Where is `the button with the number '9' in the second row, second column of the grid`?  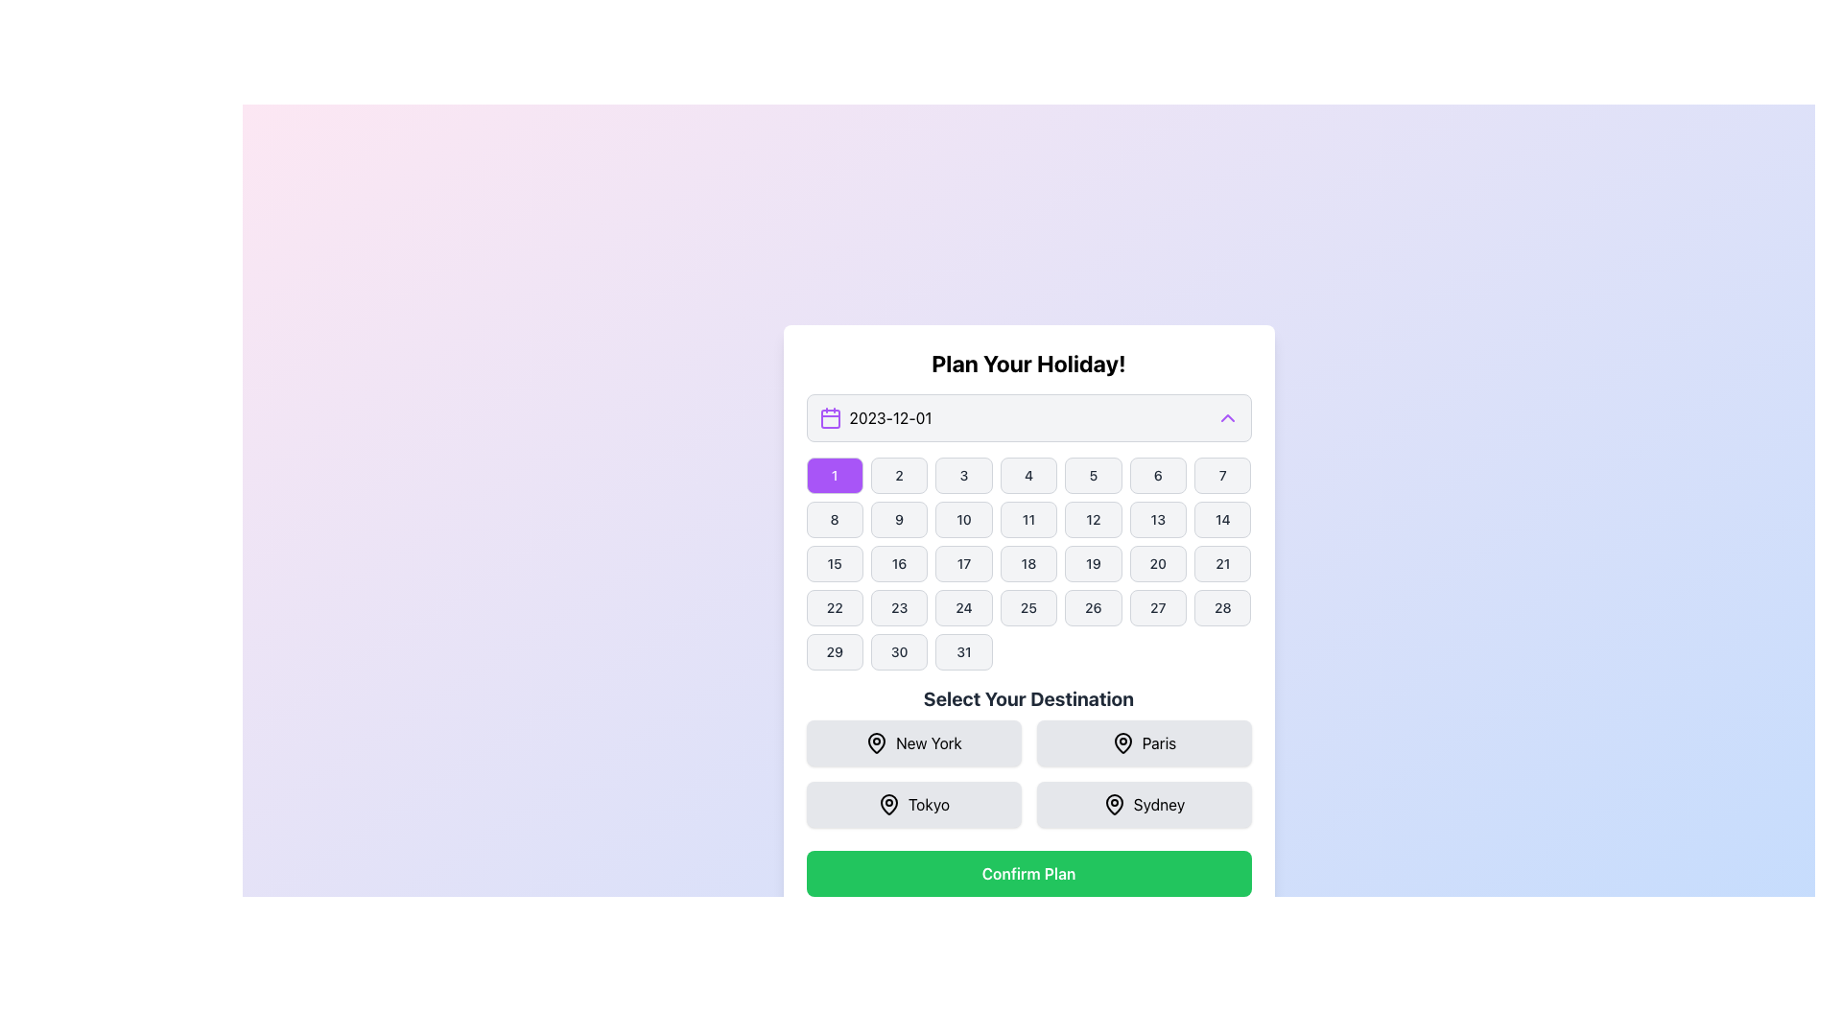
the button with the number '9' in the second row, second column of the grid is located at coordinates (898, 520).